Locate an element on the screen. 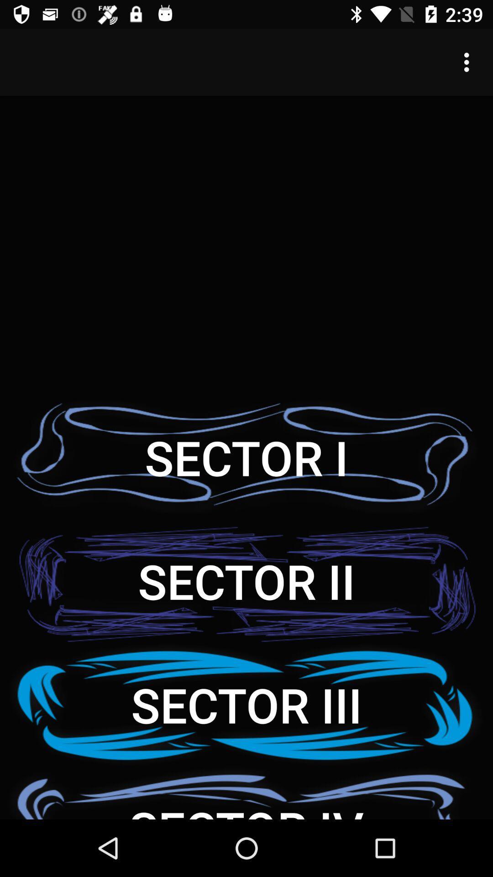 The height and width of the screenshot is (877, 493). sector ii icon is located at coordinates (246, 581).